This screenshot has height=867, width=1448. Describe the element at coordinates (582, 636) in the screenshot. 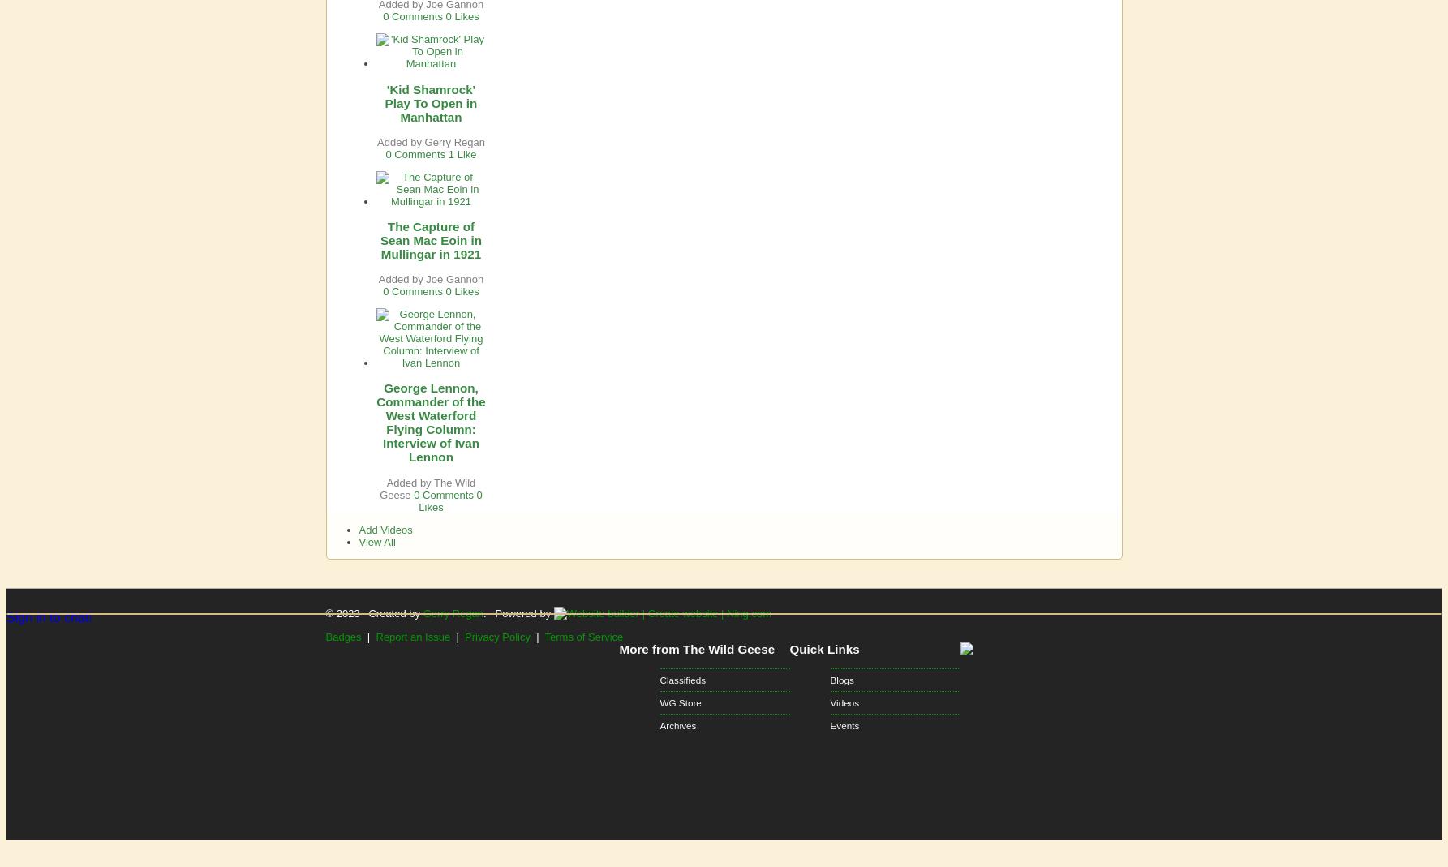

I see `'Terms of Service'` at that location.